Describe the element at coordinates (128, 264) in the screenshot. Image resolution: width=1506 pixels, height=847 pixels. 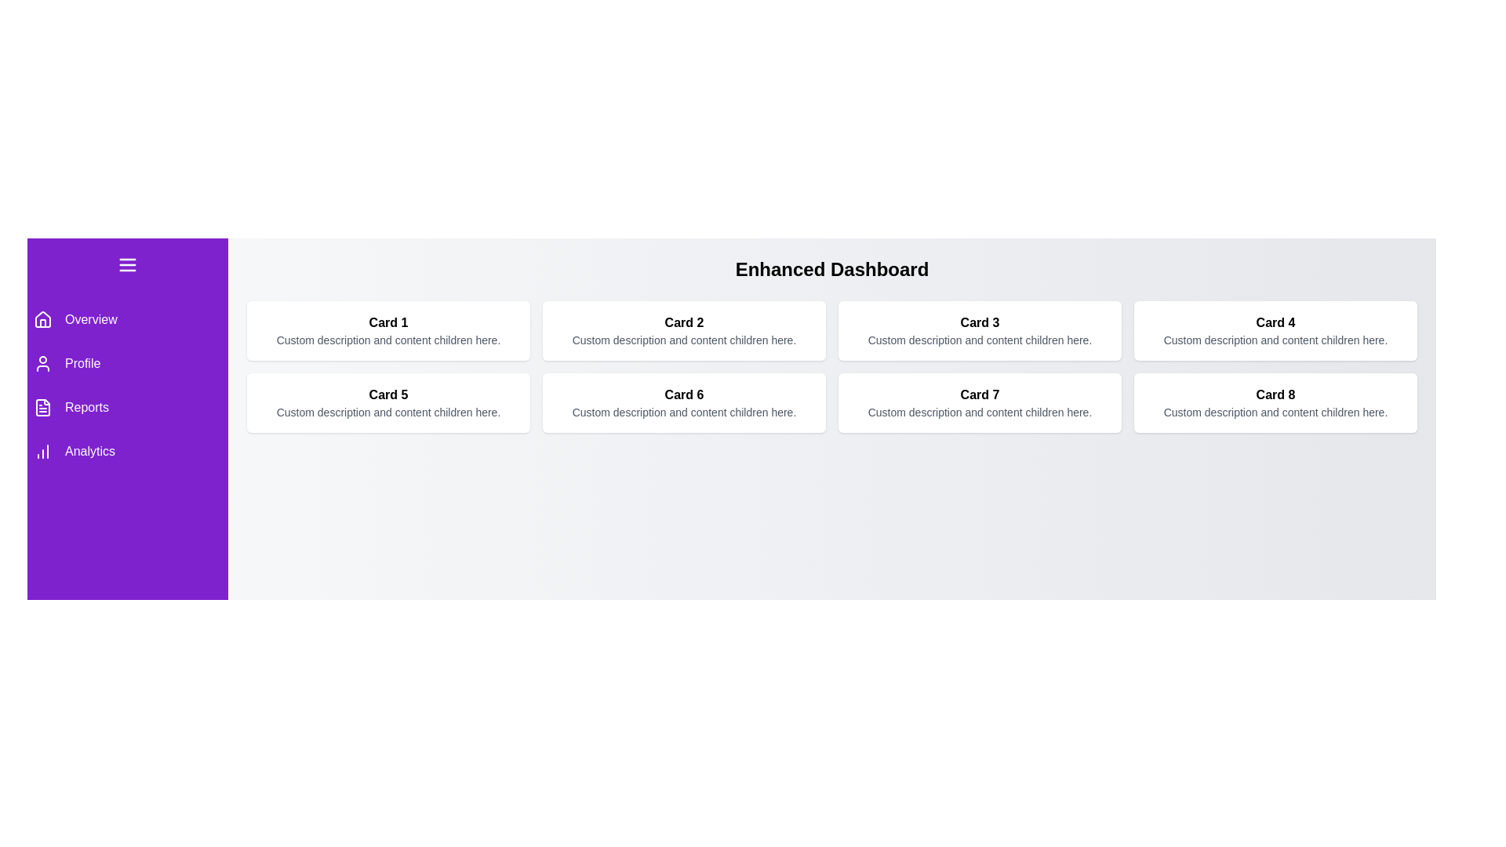
I see `menu button to toggle the sidebar` at that location.